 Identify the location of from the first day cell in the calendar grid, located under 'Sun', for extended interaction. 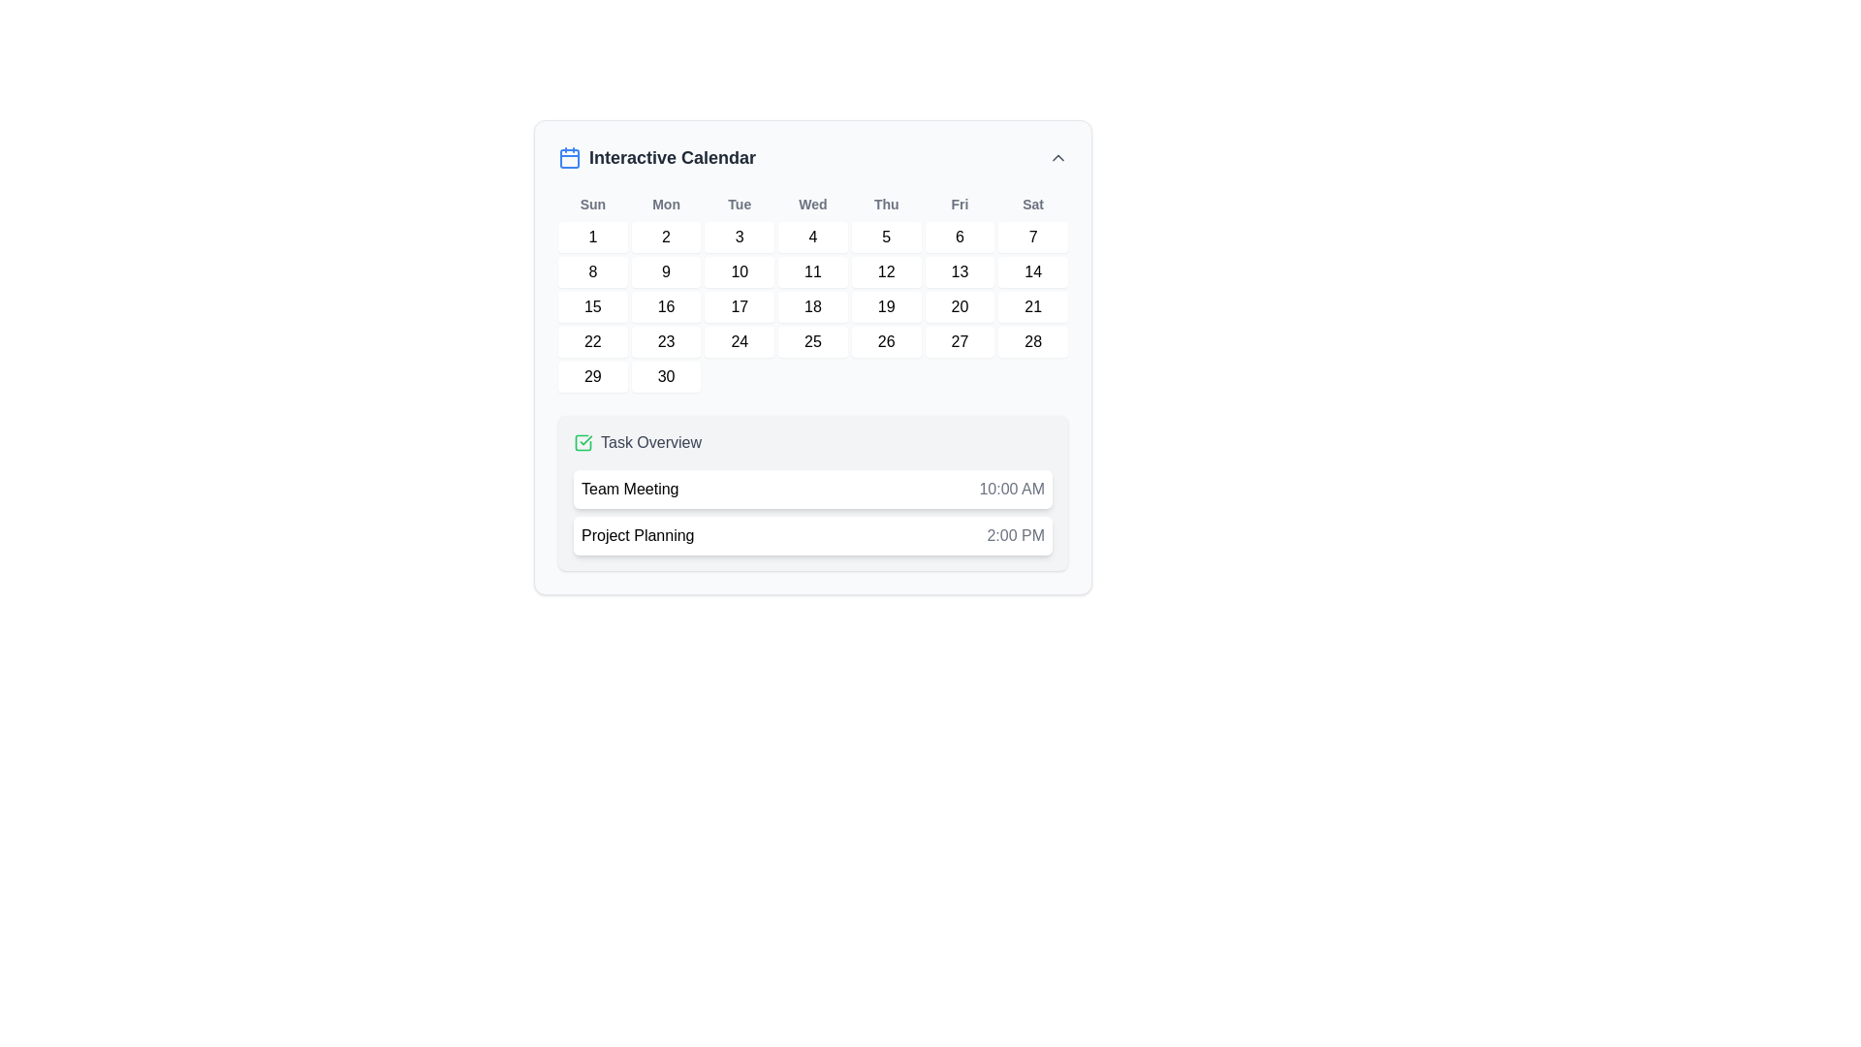
(591, 237).